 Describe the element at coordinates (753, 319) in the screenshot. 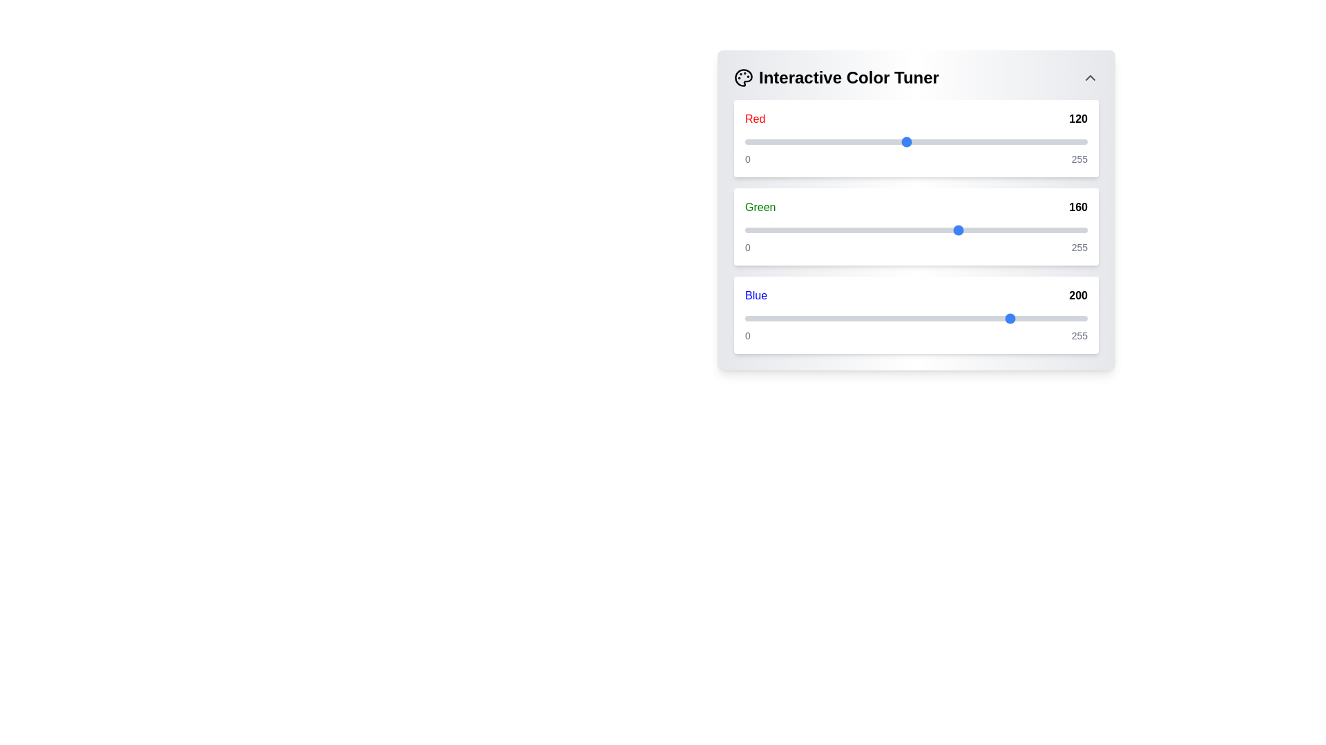

I see `the Blue color value` at that location.